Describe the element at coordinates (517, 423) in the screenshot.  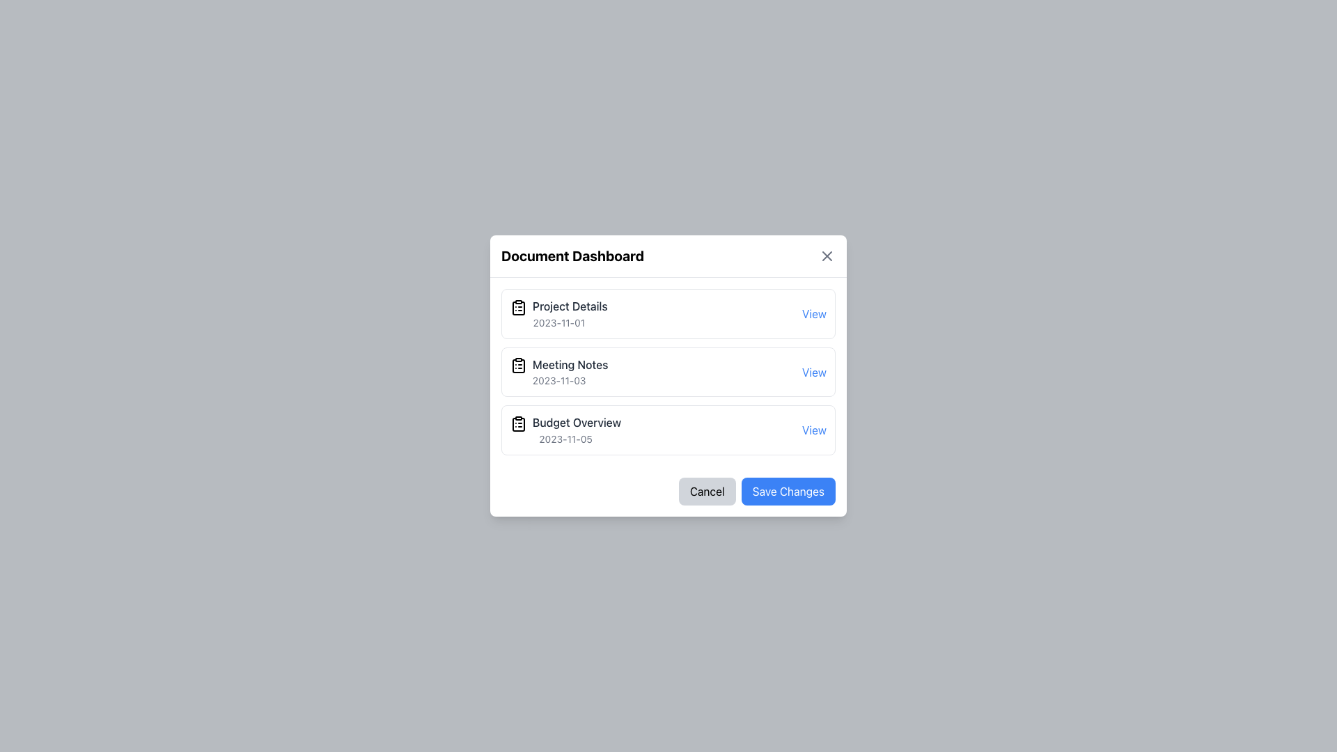
I see `the SVG Icon representing the 'Budget Overview' entry, which is located to the left of the 'Budget Overview' text` at that location.